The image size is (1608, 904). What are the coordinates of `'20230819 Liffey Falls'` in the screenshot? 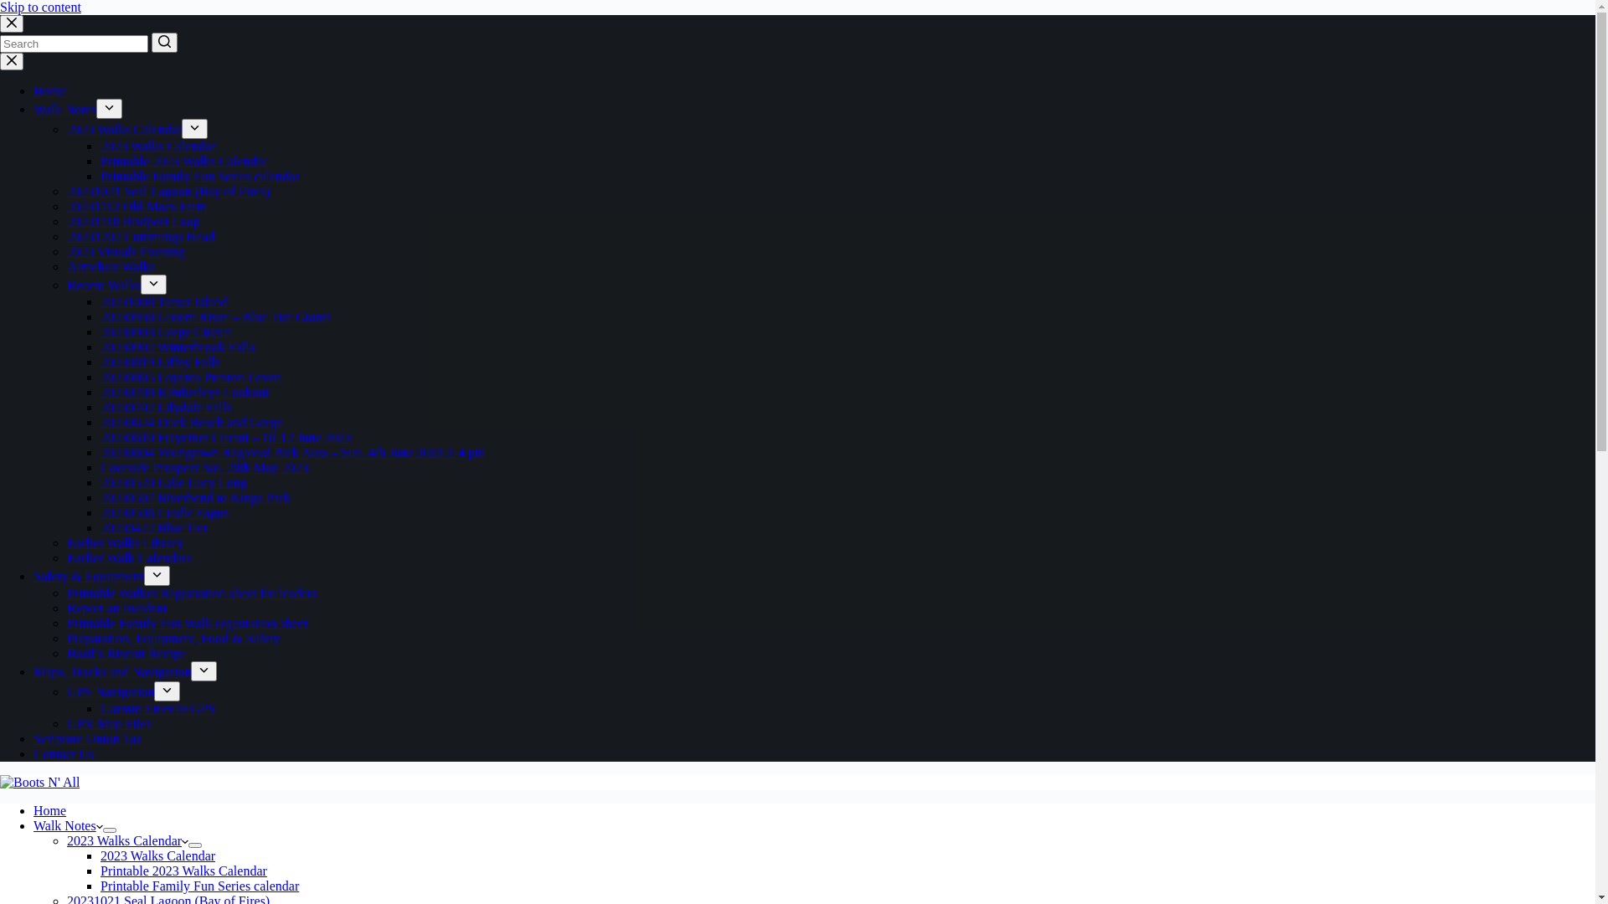 It's located at (160, 361).